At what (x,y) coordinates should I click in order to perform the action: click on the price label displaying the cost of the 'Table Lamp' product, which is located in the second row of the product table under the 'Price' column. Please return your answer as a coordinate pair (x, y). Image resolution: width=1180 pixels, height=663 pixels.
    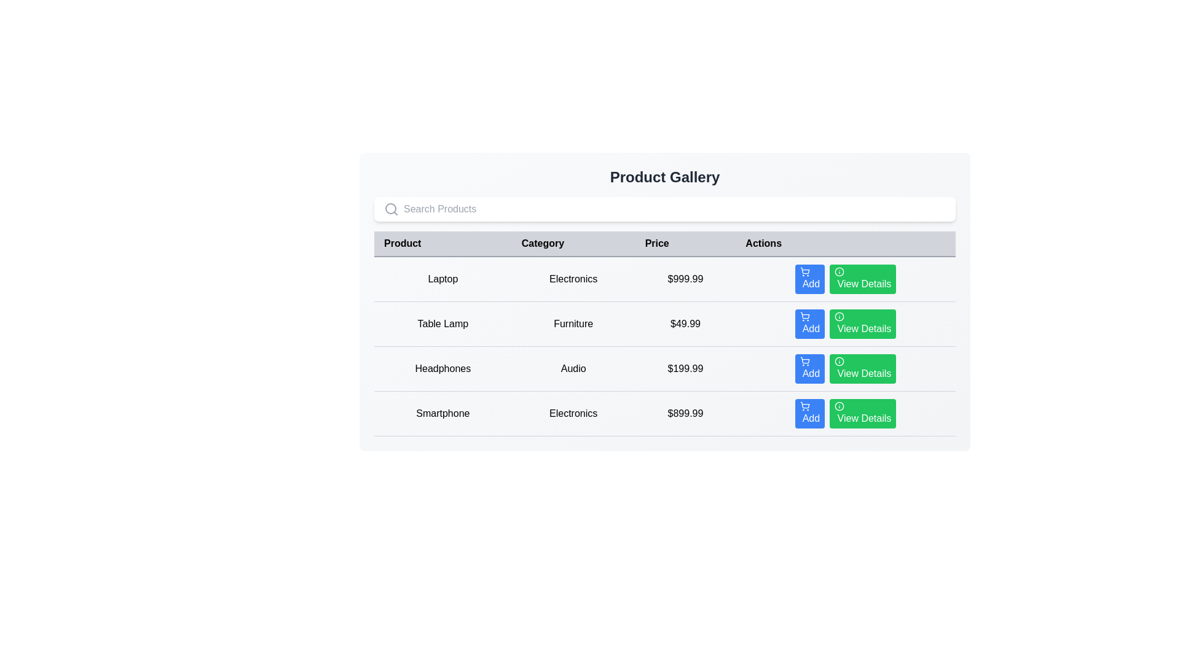
    Looking at the image, I should click on (685, 324).